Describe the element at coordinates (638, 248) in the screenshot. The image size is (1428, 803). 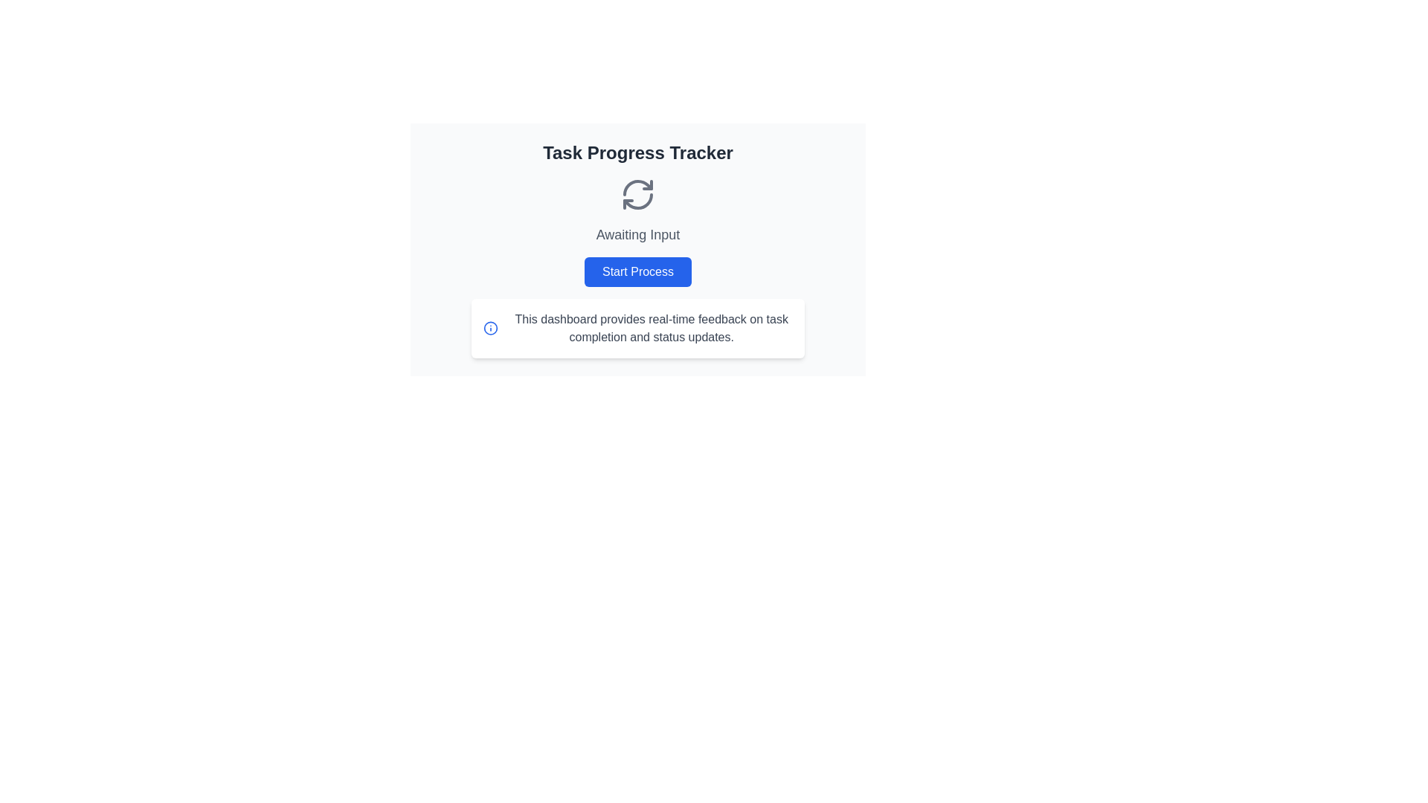
I see `the blue rectangular button with rounded corners labeled 'Start Process'` at that location.